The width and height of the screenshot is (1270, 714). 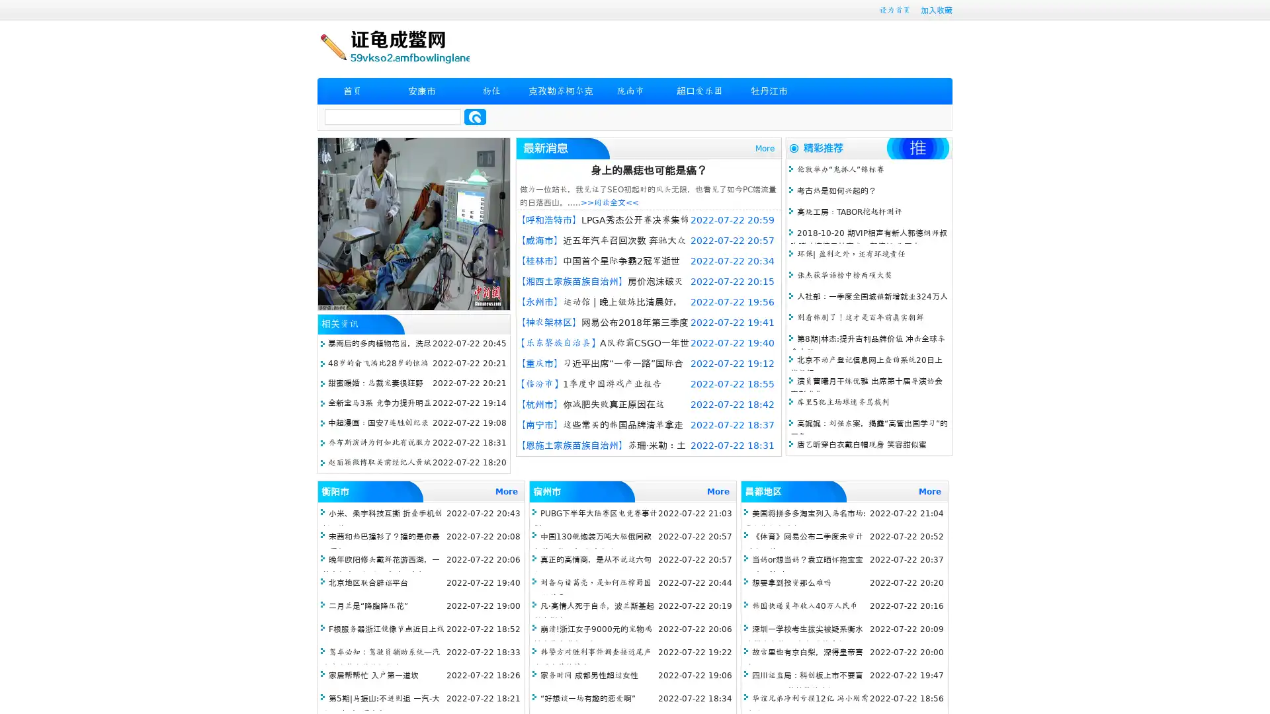 What do you see at coordinates (475, 116) in the screenshot?
I see `Search` at bounding box center [475, 116].